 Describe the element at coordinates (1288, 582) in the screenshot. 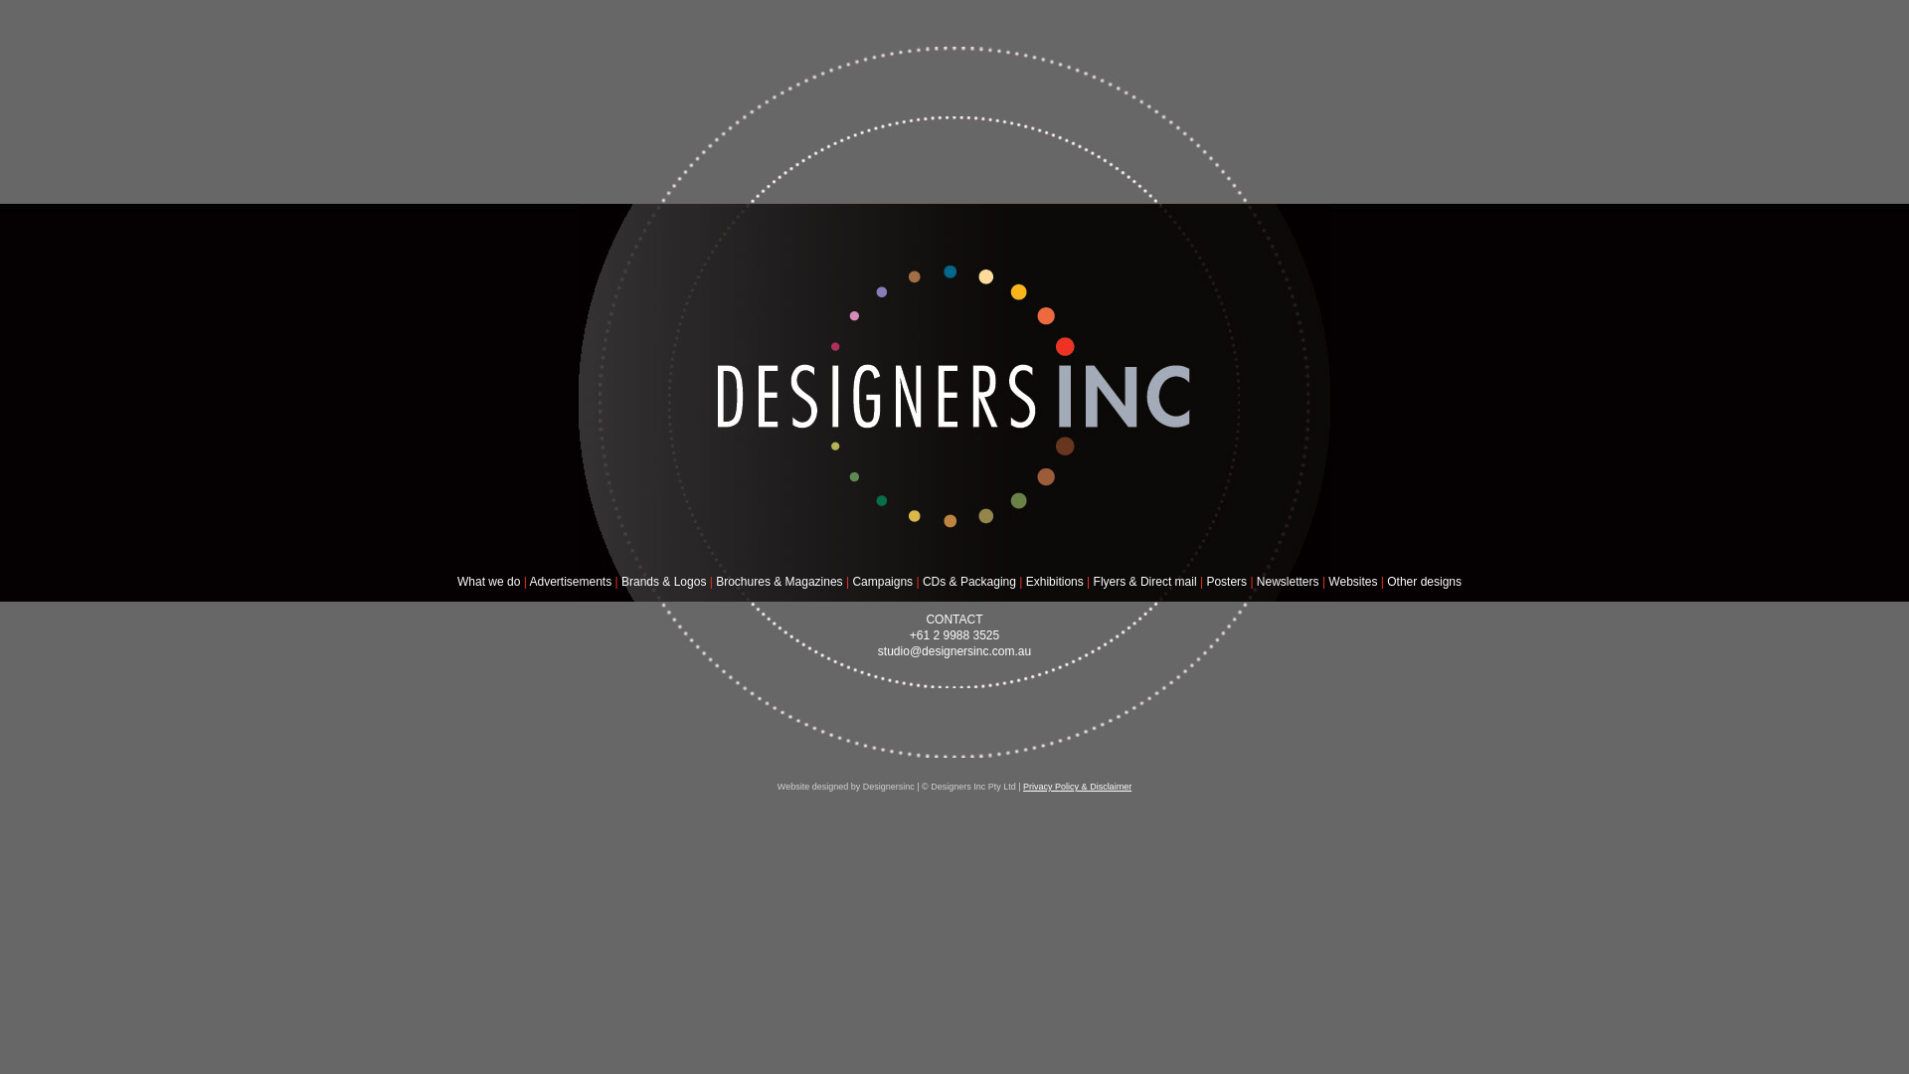

I see `'Newsletters'` at that location.